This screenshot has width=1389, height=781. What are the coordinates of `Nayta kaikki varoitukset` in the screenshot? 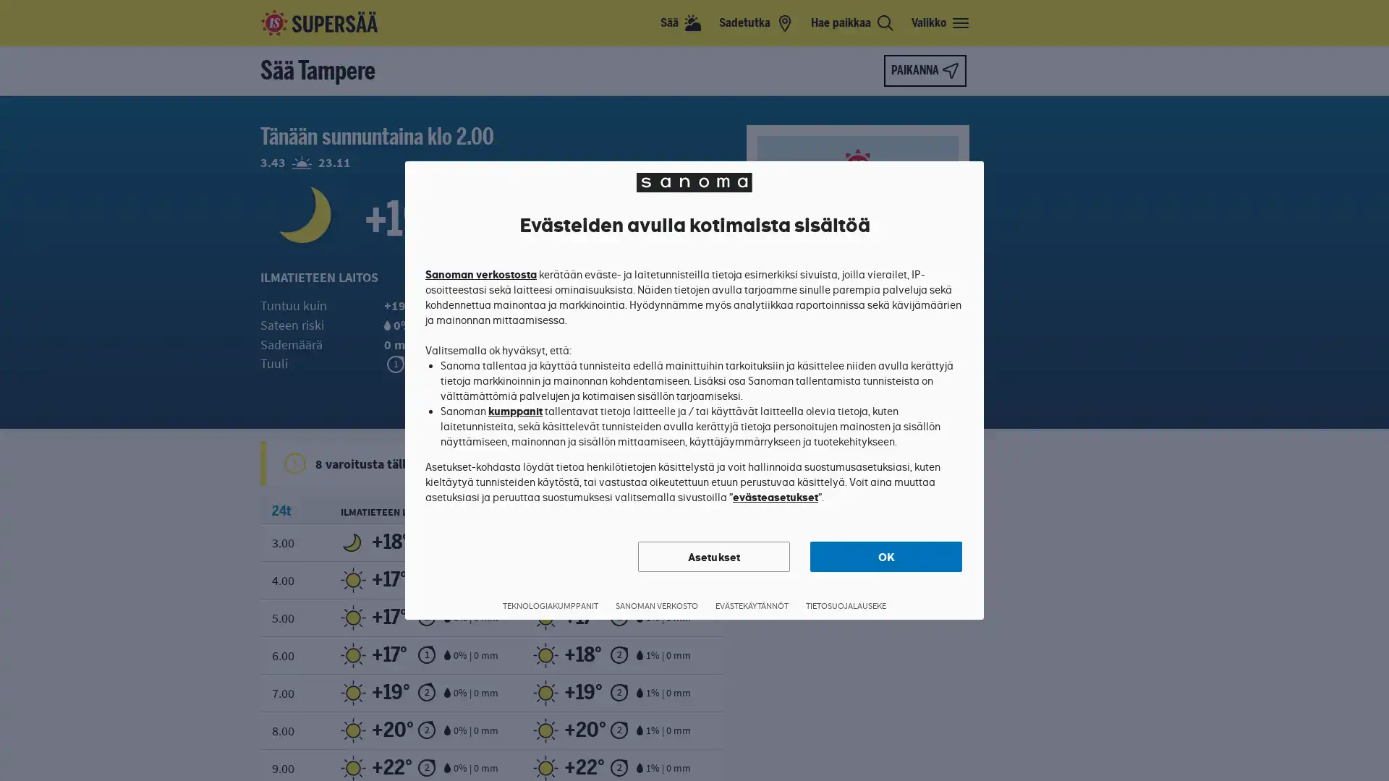 It's located at (705, 463).